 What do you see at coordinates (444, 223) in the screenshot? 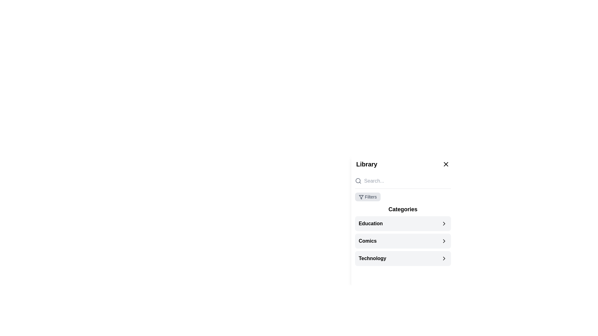
I see `the Chevron Right icon located at the far right of the 'Education' row in the 'Categories' section of the 'Library' panel` at bounding box center [444, 223].